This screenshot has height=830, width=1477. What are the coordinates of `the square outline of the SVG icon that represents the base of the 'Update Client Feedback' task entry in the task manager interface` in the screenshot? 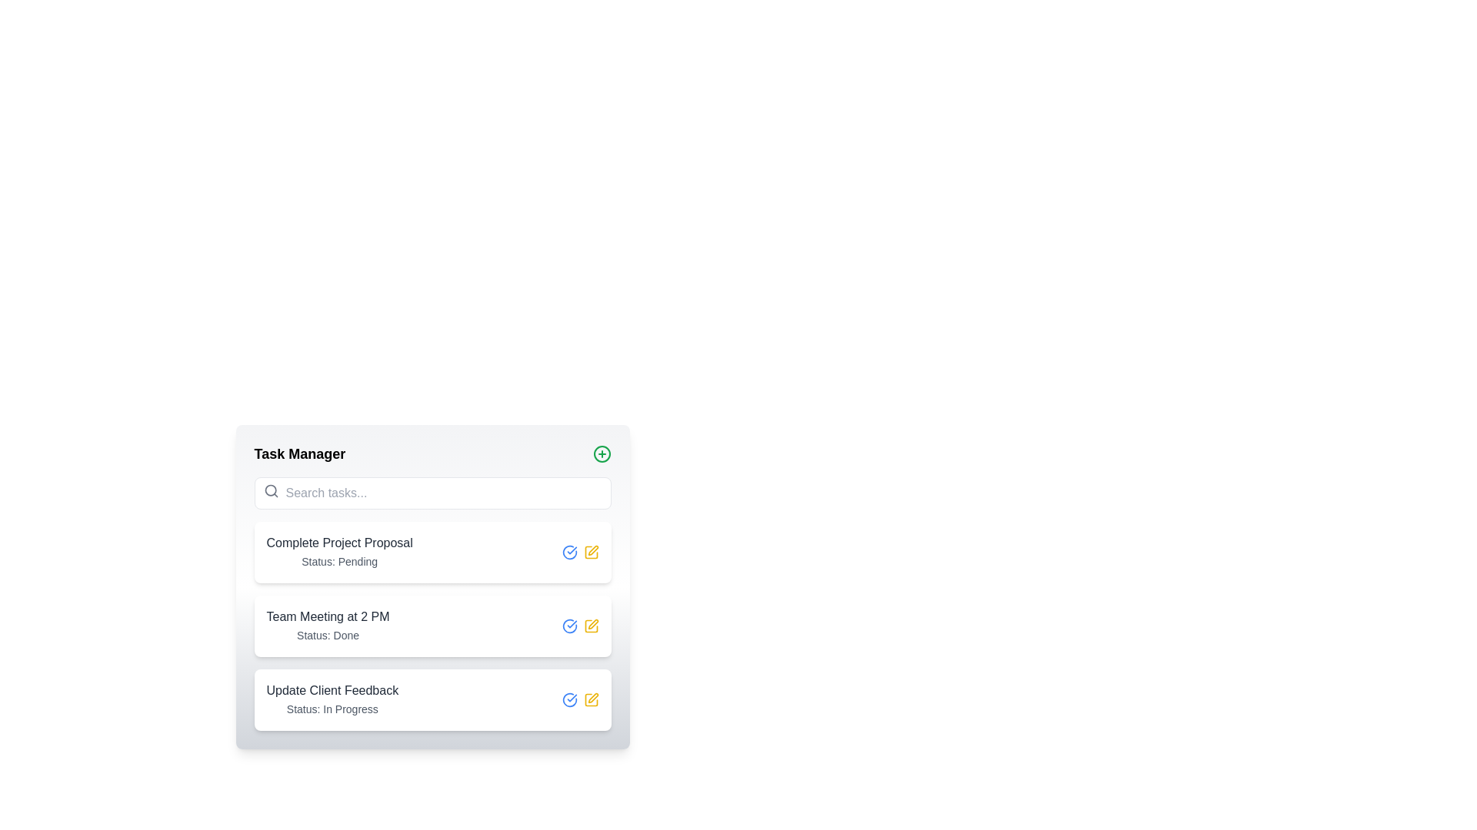 It's located at (590, 699).